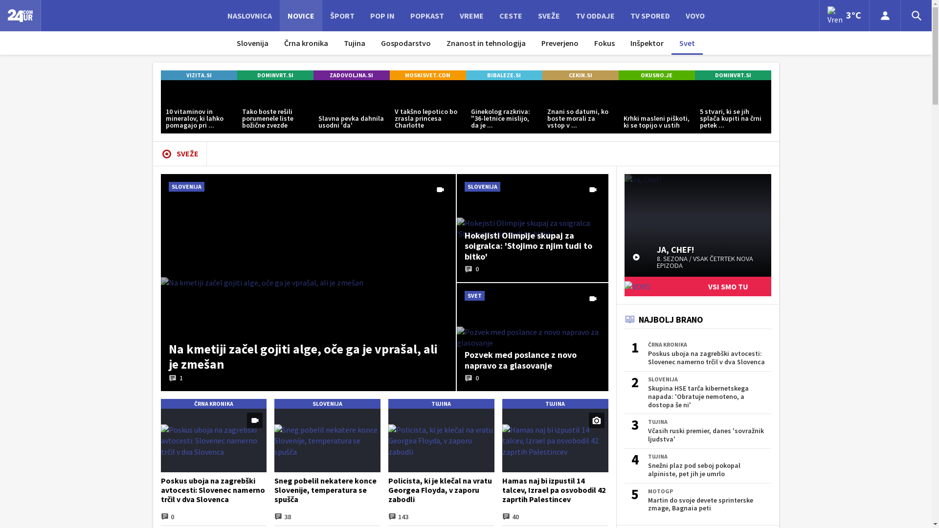 Image resolution: width=939 pixels, height=528 pixels. I want to click on 'Slovenija', so click(252, 43).